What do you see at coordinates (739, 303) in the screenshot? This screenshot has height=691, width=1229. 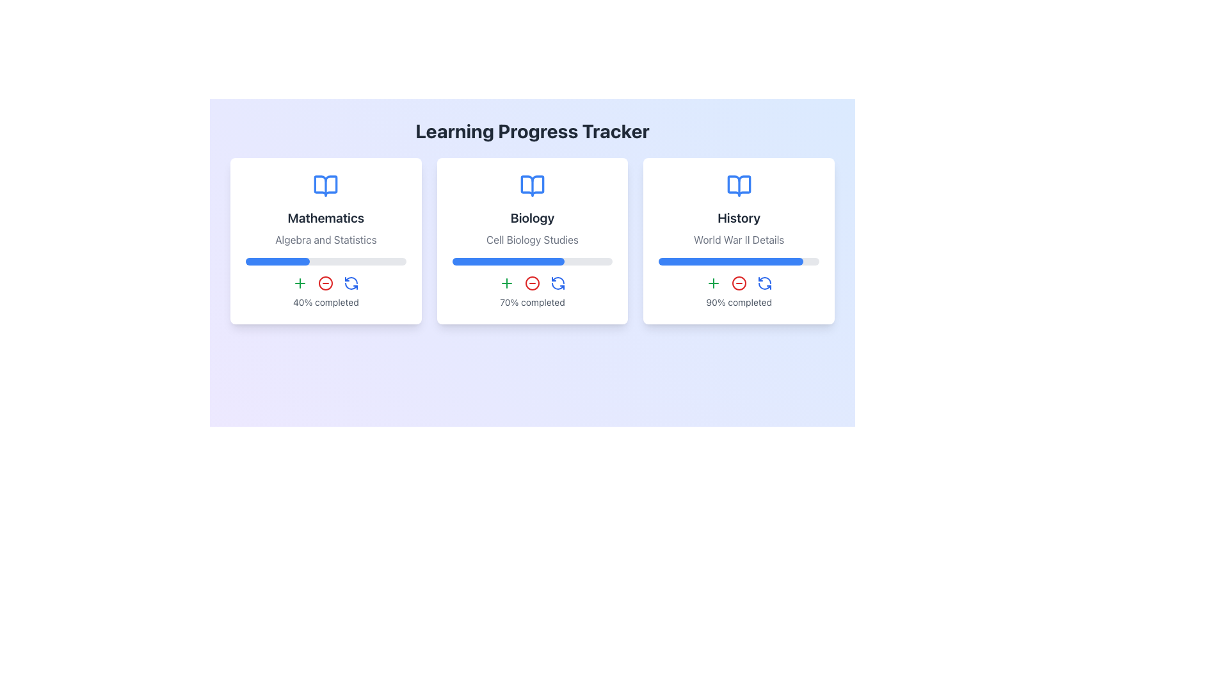 I see `the text label displaying '90% completed' that is located below the progress bar in the 'History - World War II Details' card` at bounding box center [739, 303].